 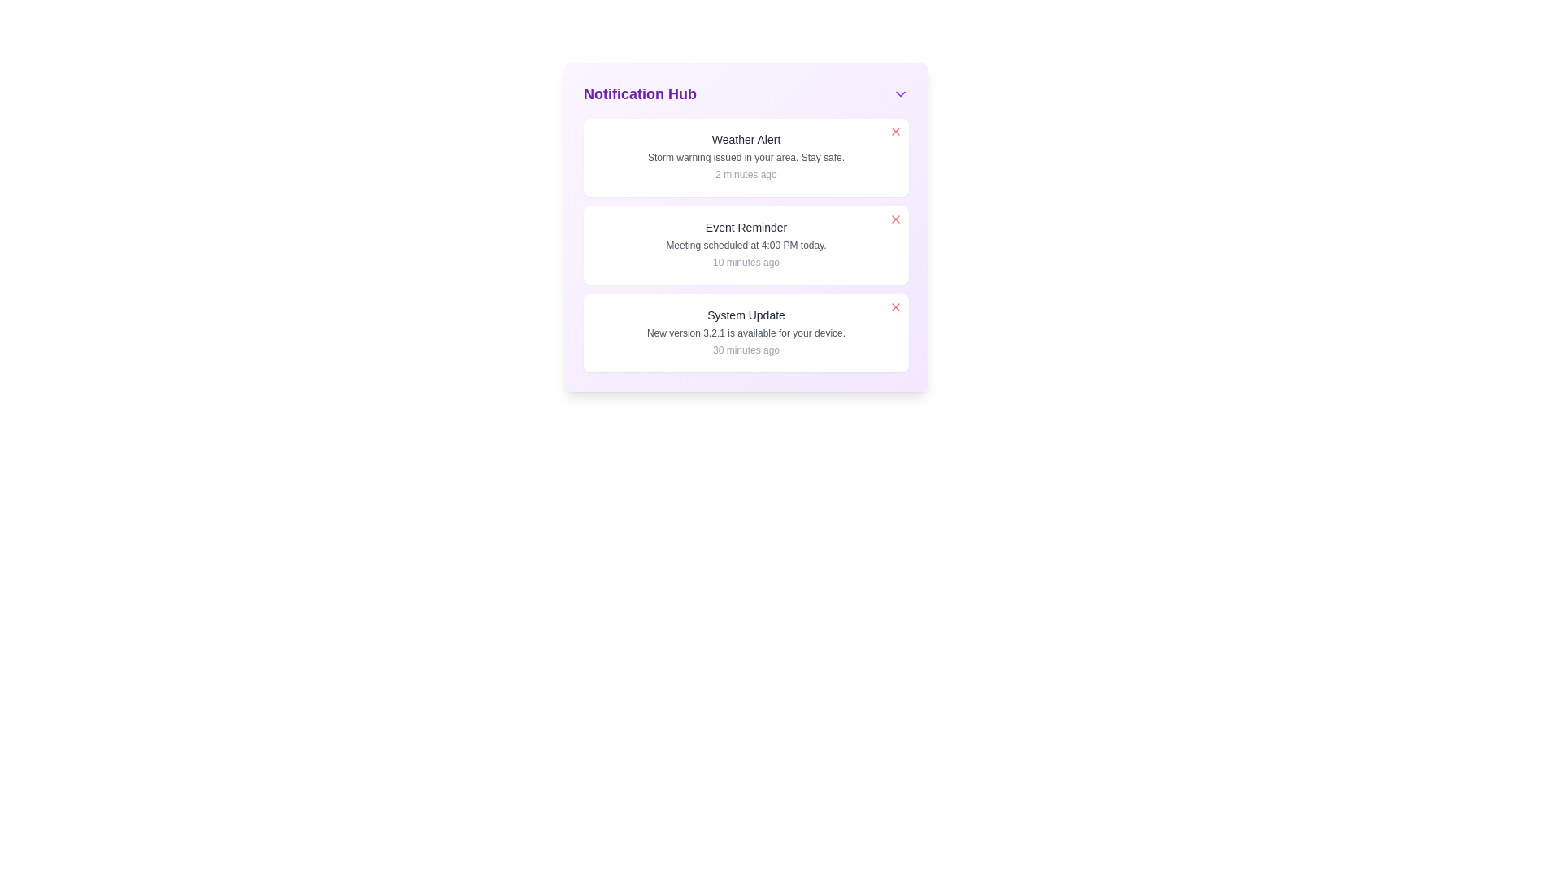 What do you see at coordinates (895, 131) in the screenshot?
I see `the close button in the top-right corner of the 'Weather Alert' notification card` at bounding box center [895, 131].